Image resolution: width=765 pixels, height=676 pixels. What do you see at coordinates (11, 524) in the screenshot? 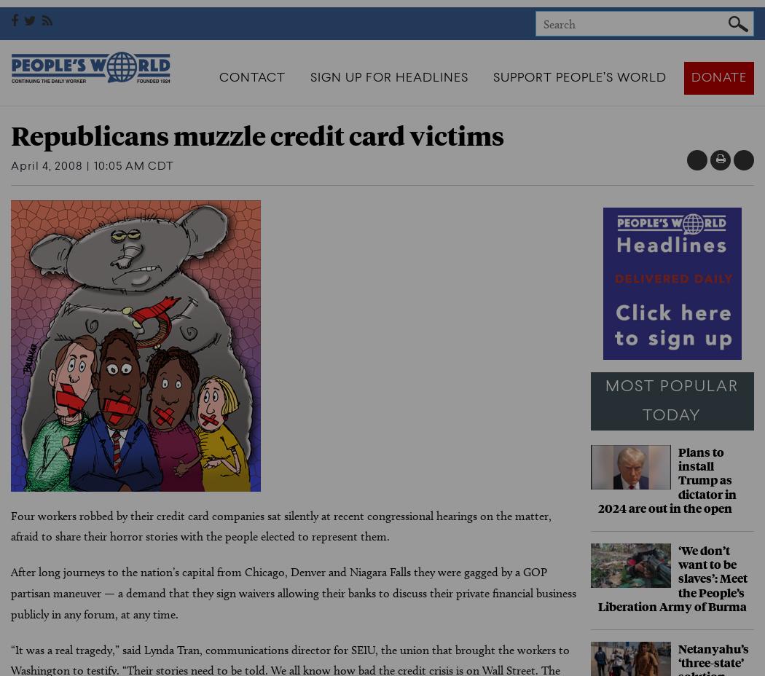
I see `'Four workers robbed by their credit card companies sat silently at recent congressional hearings on the matter, afraid to share their horror stories with the people elected to represent them.'` at bounding box center [11, 524].